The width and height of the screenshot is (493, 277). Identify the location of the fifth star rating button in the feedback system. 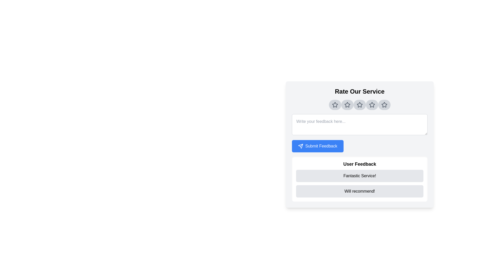
(372, 104).